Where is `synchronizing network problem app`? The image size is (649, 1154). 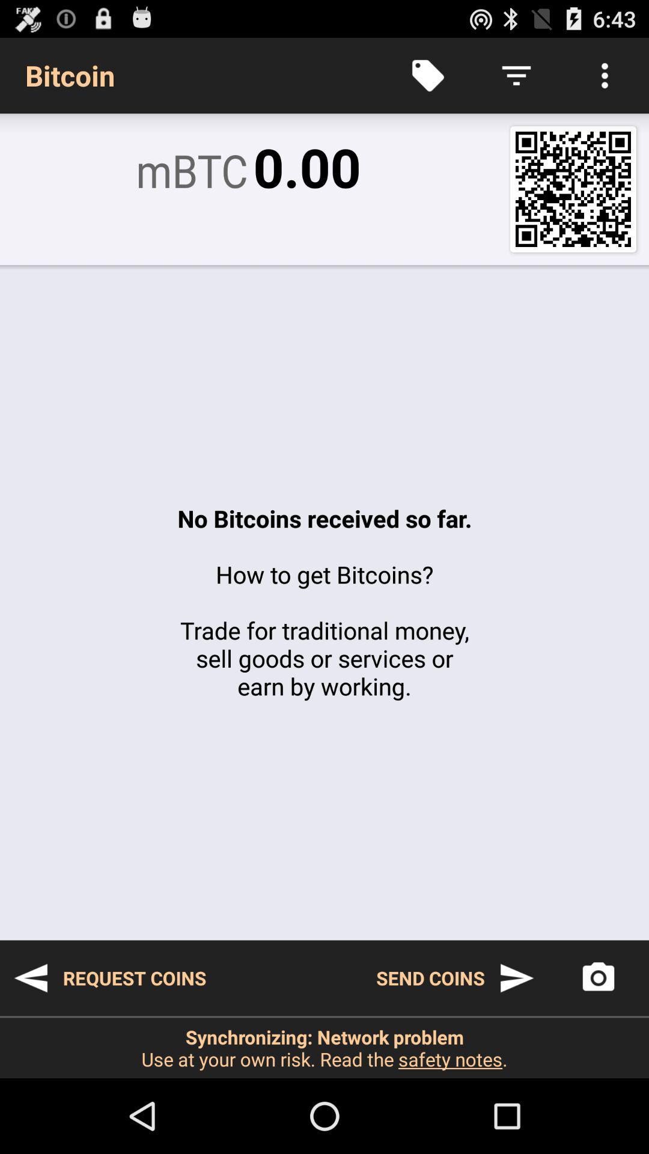 synchronizing network problem app is located at coordinates (324, 1047).